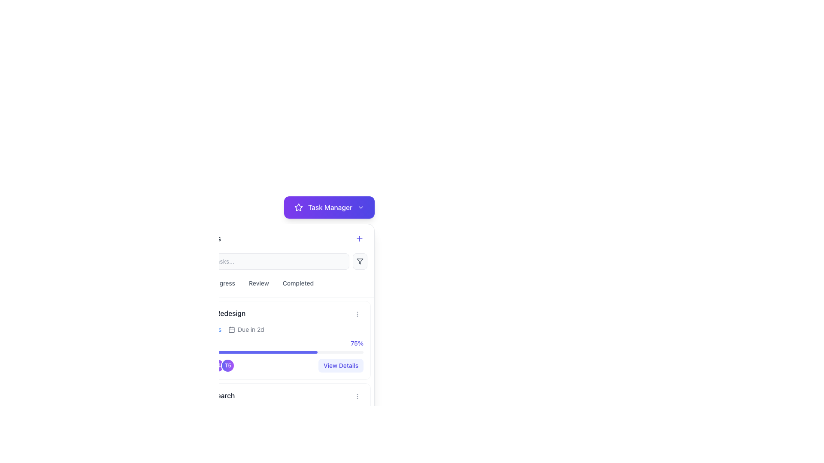 Image resolution: width=824 pixels, height=463 pixels. I want to click on the interactive square button with rounded corners, featuring a funnel icon in the center, so click(360, 261).